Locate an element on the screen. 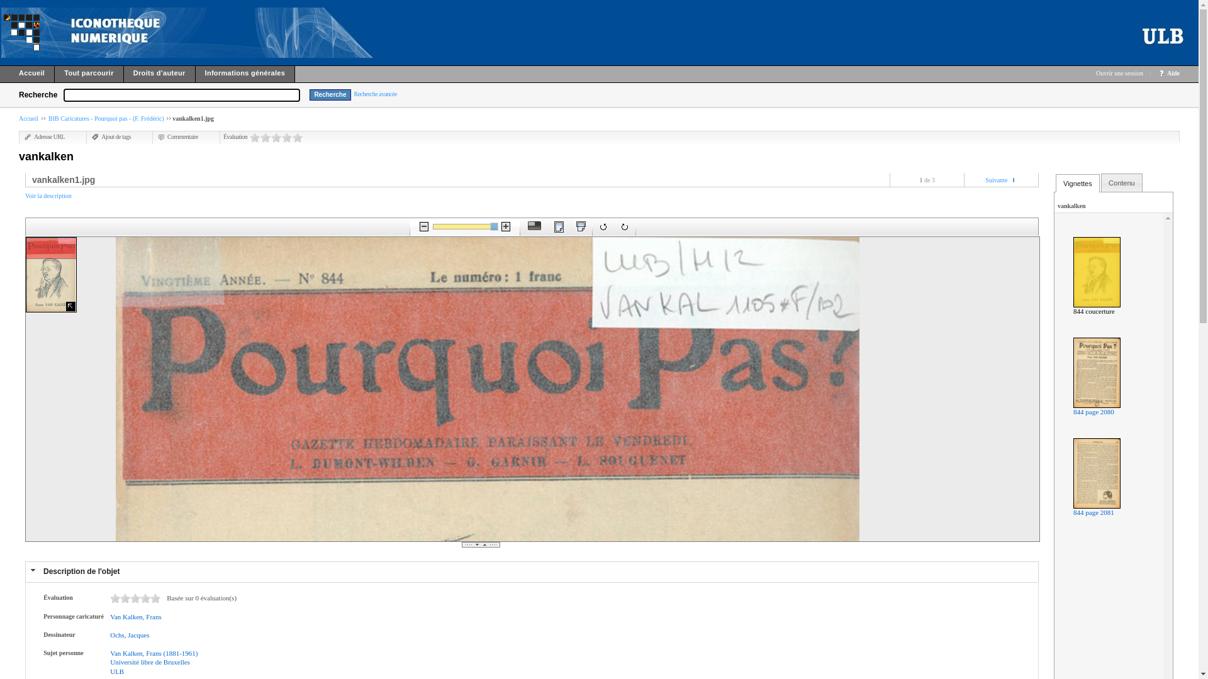  'Vignettes' is located at coordinates (1077, 184).